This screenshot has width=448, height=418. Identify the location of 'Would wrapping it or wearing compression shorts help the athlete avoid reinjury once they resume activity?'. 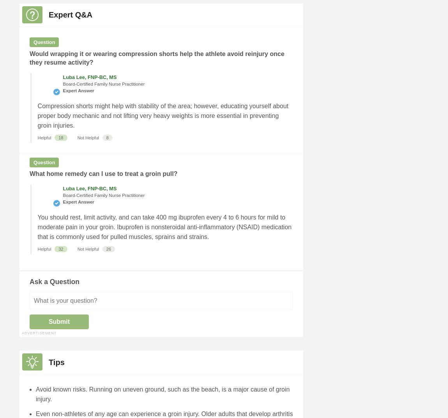
(29, 57).